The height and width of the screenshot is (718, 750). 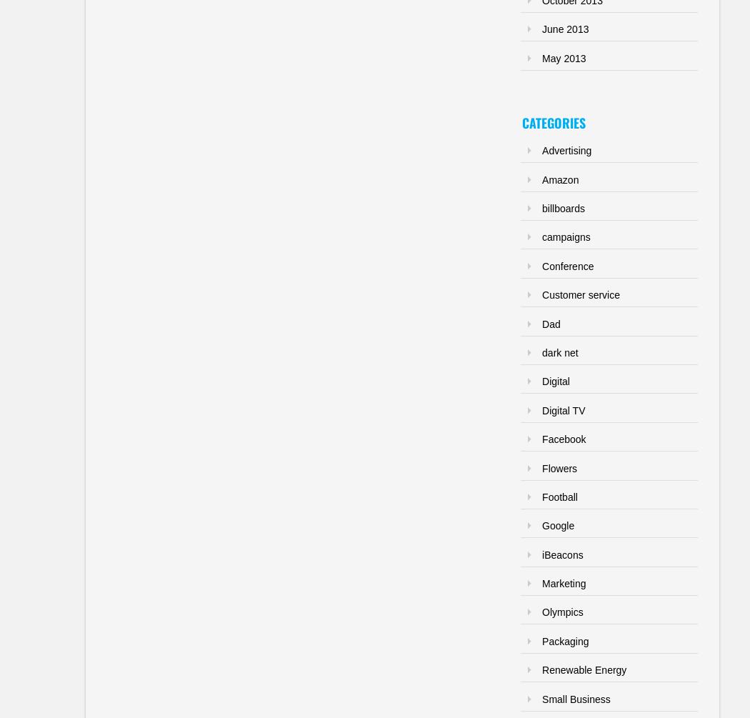 I want to click on 'dark net', so click(x=560, y=351).